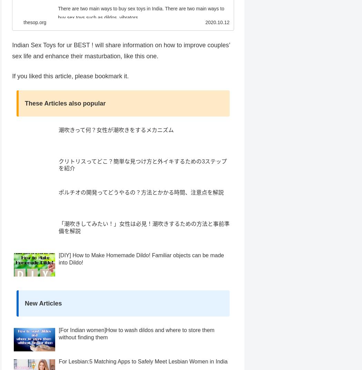 The height and width of the screenshot is (370, 362). Describe the element at coordinates (217, 35) in the screenshot. I see `'2020.10.12'` at that location.